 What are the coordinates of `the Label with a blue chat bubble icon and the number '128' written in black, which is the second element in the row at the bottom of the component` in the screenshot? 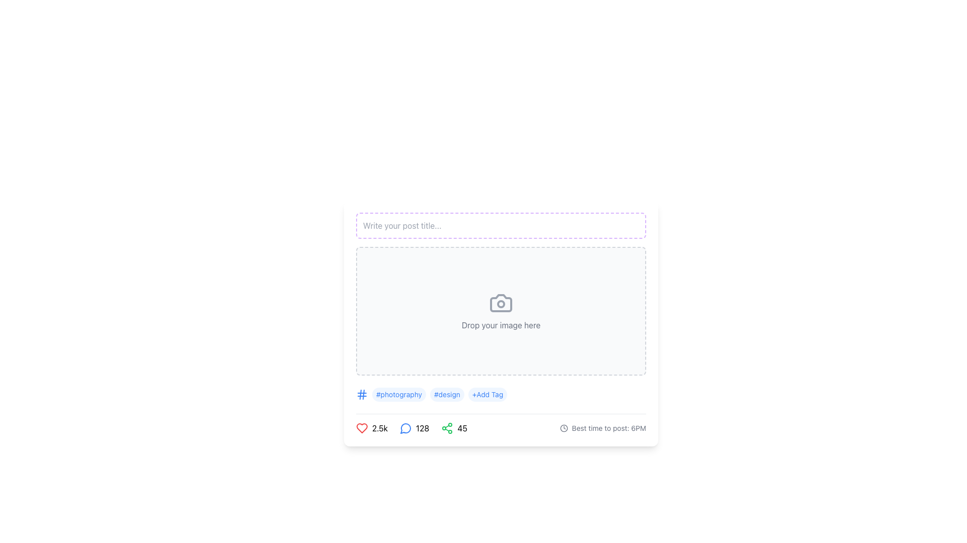 It's located at (415, 428).